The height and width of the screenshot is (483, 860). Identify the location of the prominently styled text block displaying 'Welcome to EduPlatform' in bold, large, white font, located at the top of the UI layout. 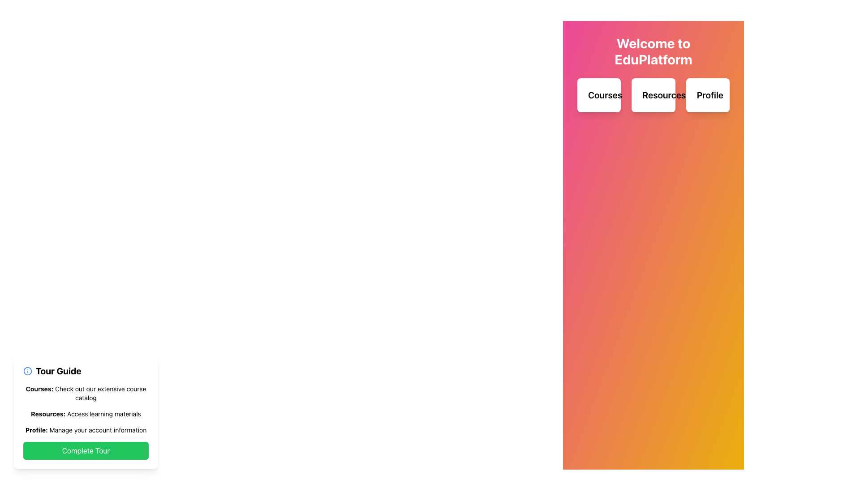
(654, 51).